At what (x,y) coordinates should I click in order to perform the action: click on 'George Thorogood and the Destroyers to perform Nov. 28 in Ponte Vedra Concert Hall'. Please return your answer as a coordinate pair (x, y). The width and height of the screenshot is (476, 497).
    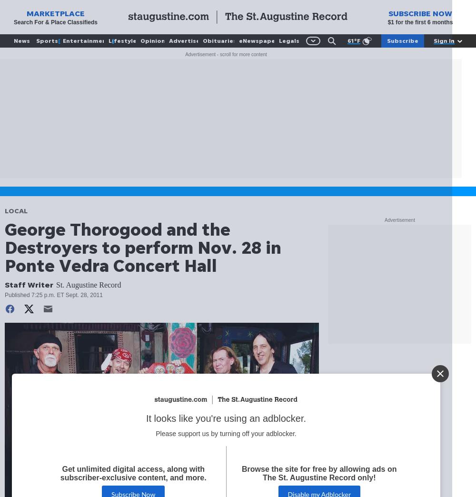
    Looking at the image, I should click on (143, 247).